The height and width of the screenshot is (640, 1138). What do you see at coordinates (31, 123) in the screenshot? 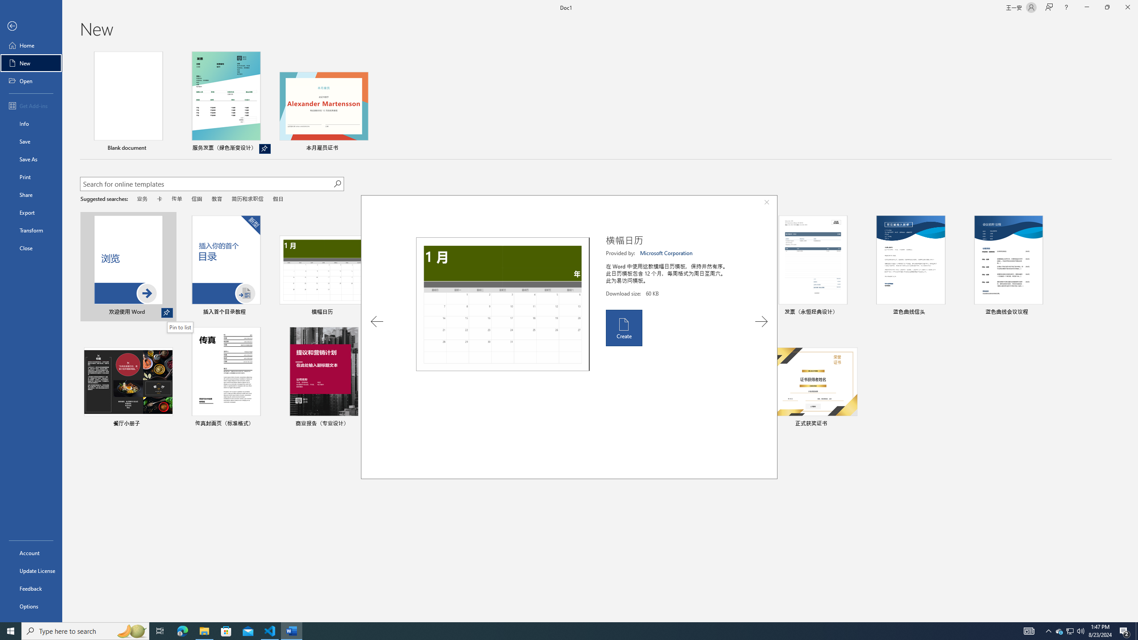
I see `'Info'` at bounding box center [31, 123].